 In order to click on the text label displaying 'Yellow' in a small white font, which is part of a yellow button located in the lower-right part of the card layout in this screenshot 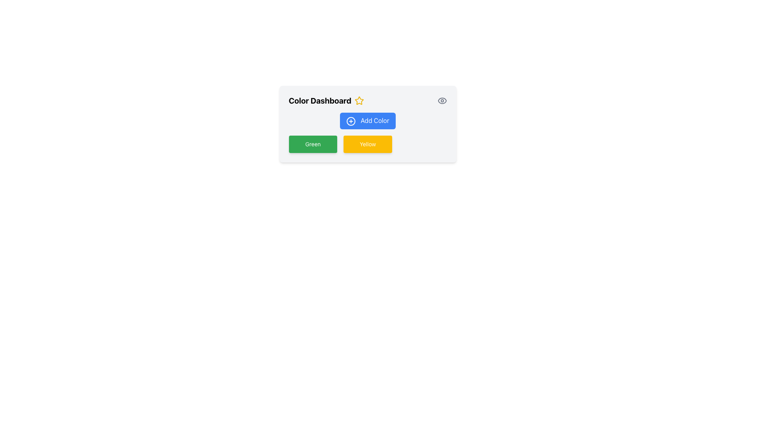, I will do `click(367, 144)`.